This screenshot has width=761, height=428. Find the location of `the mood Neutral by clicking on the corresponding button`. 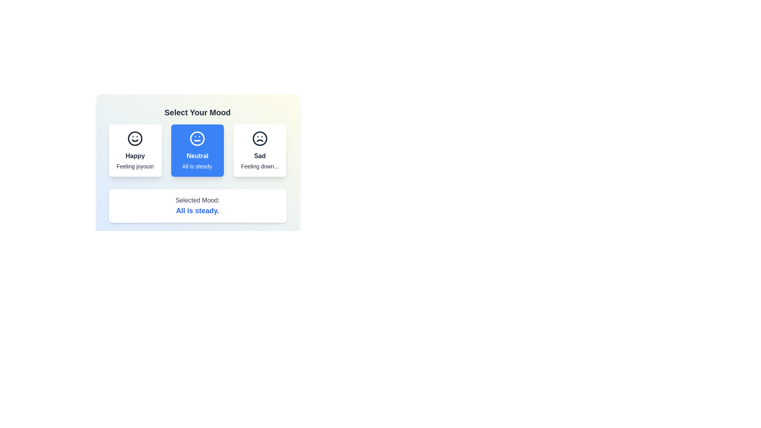

the mood Neutral by clicking on the corresponding button is located at coordinates (197, 151).